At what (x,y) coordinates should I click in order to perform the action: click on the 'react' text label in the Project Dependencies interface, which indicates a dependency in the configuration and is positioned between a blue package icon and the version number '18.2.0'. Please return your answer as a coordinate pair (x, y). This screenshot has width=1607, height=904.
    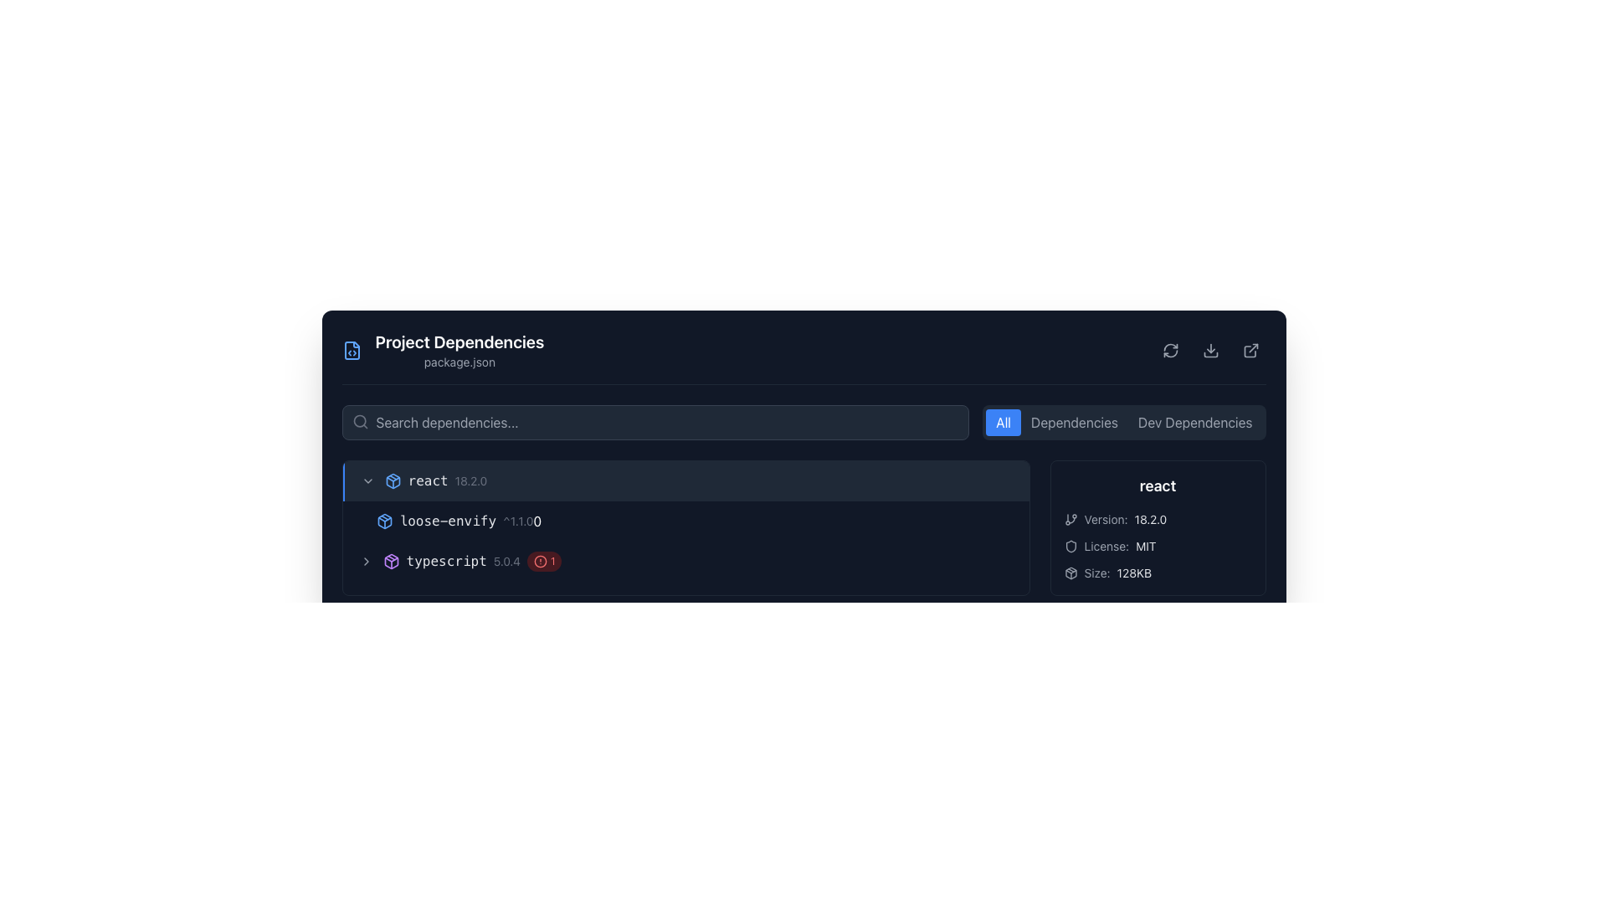
    Looking at the image, I should click on (428, 480).